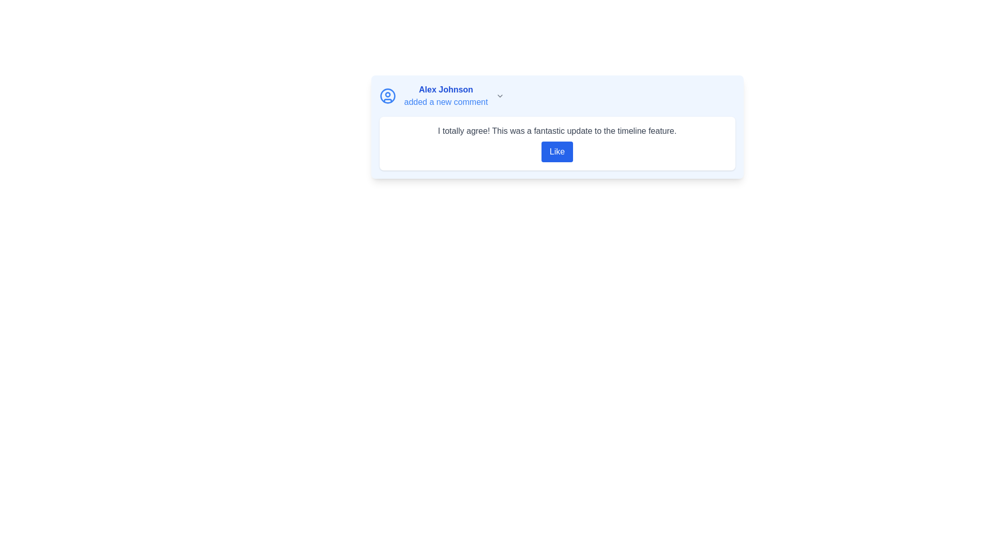 The image size is (993, 558). Describe the element at coordinates (556, 131) in the screenshot. I see `the static text element displaying the comment 'I totally agree! This was a fantastic update to the timeline feature.' which is positioned above the blue 'Like' button` at that location.